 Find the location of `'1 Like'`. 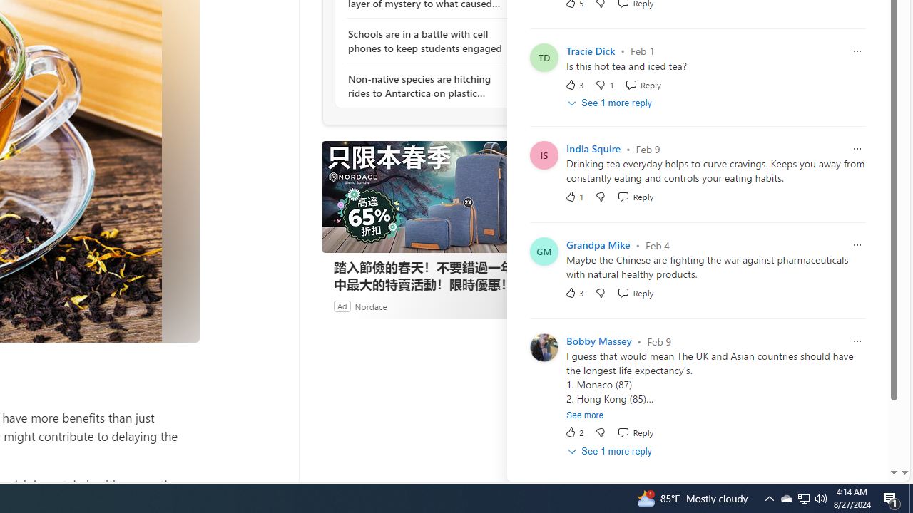

'1 Like' is located at coordinates (574, 197).